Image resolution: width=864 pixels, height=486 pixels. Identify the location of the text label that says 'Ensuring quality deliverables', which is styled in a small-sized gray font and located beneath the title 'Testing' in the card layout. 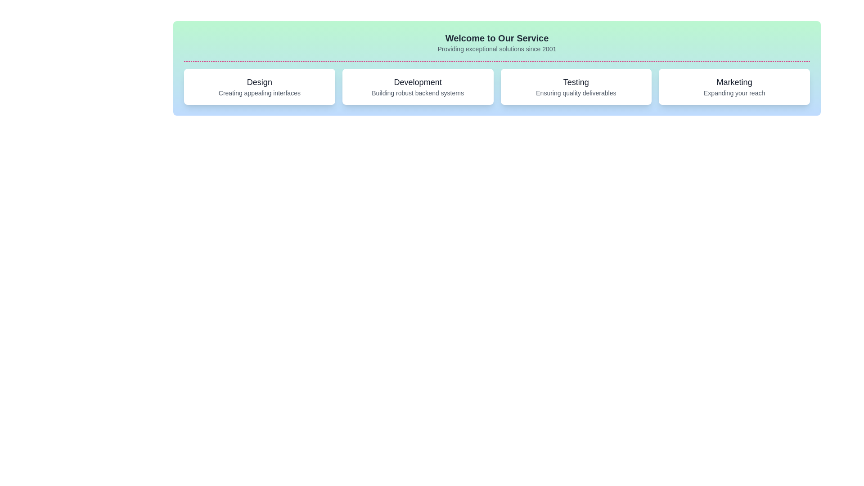
(576, 93).